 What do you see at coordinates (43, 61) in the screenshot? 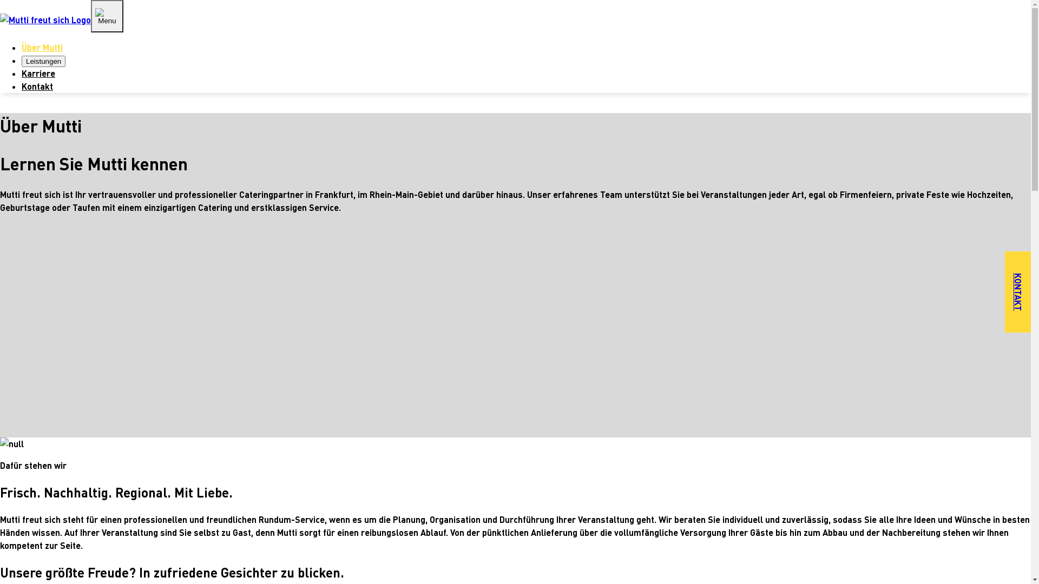
I see `'Leistungen'` at bounding box center [43, 61].